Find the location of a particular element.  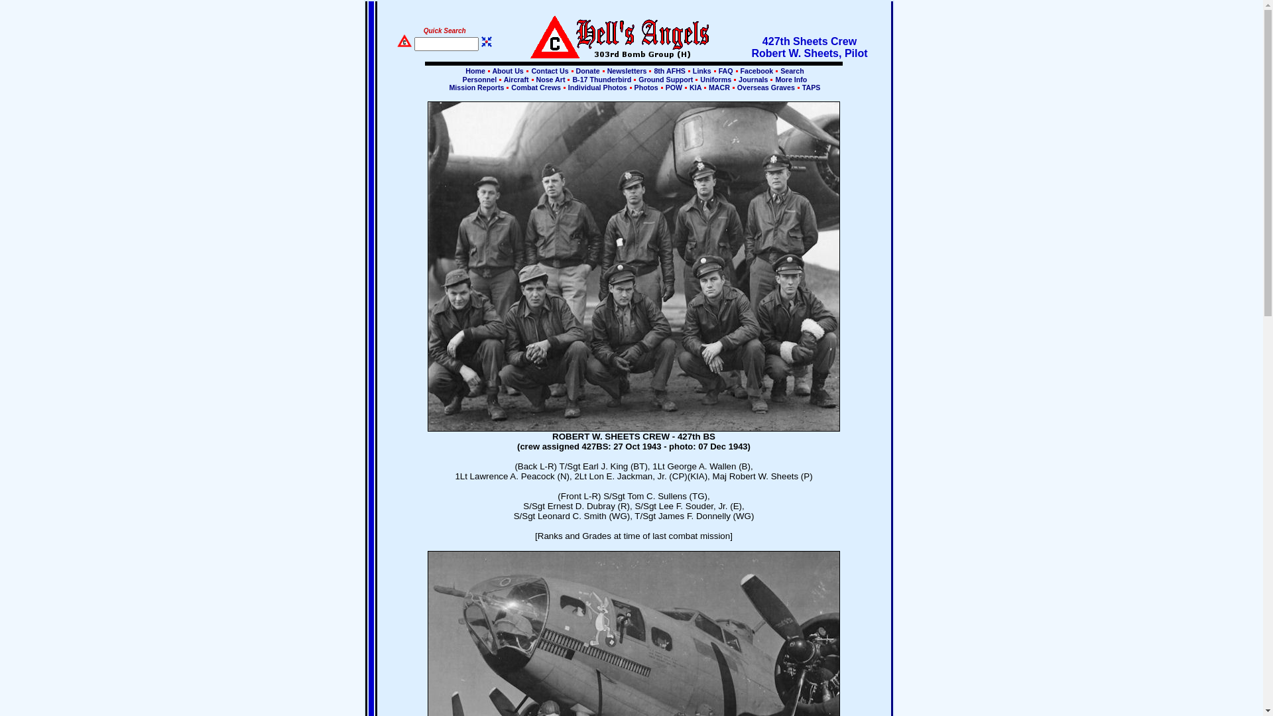

'Combat Crews' is located at coordinates (536, 87).